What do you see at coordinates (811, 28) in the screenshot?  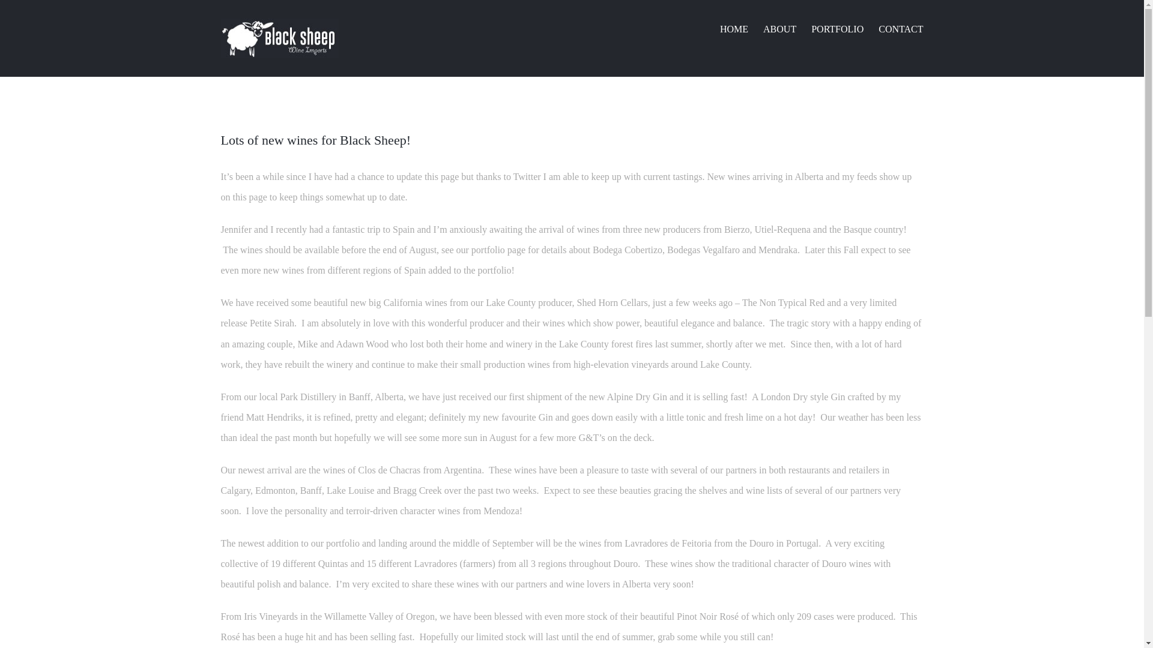 I see `'PORTFOLIO'` at bounding box center [811, 28].